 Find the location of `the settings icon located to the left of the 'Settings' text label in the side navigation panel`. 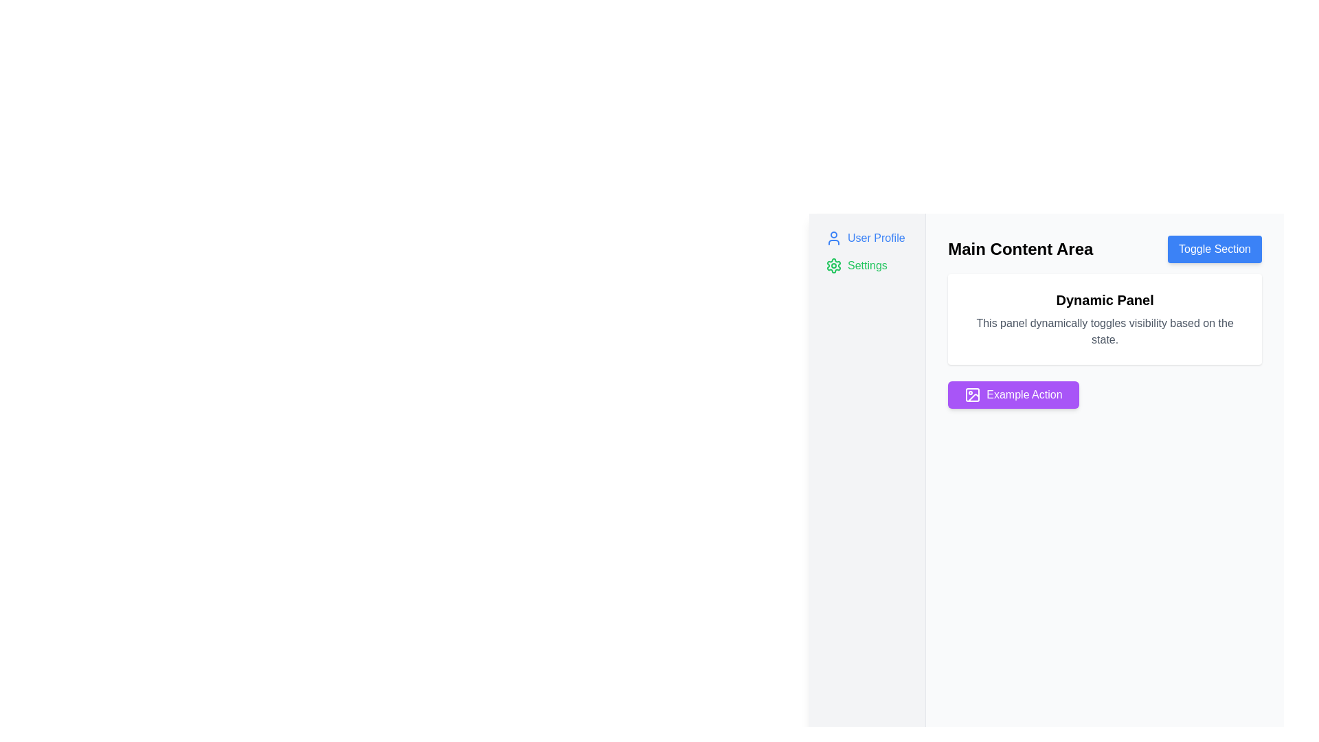

the settings icon located to the left of the 'Settings' text label in the side navigation panel is located at coordinates (833, 265).